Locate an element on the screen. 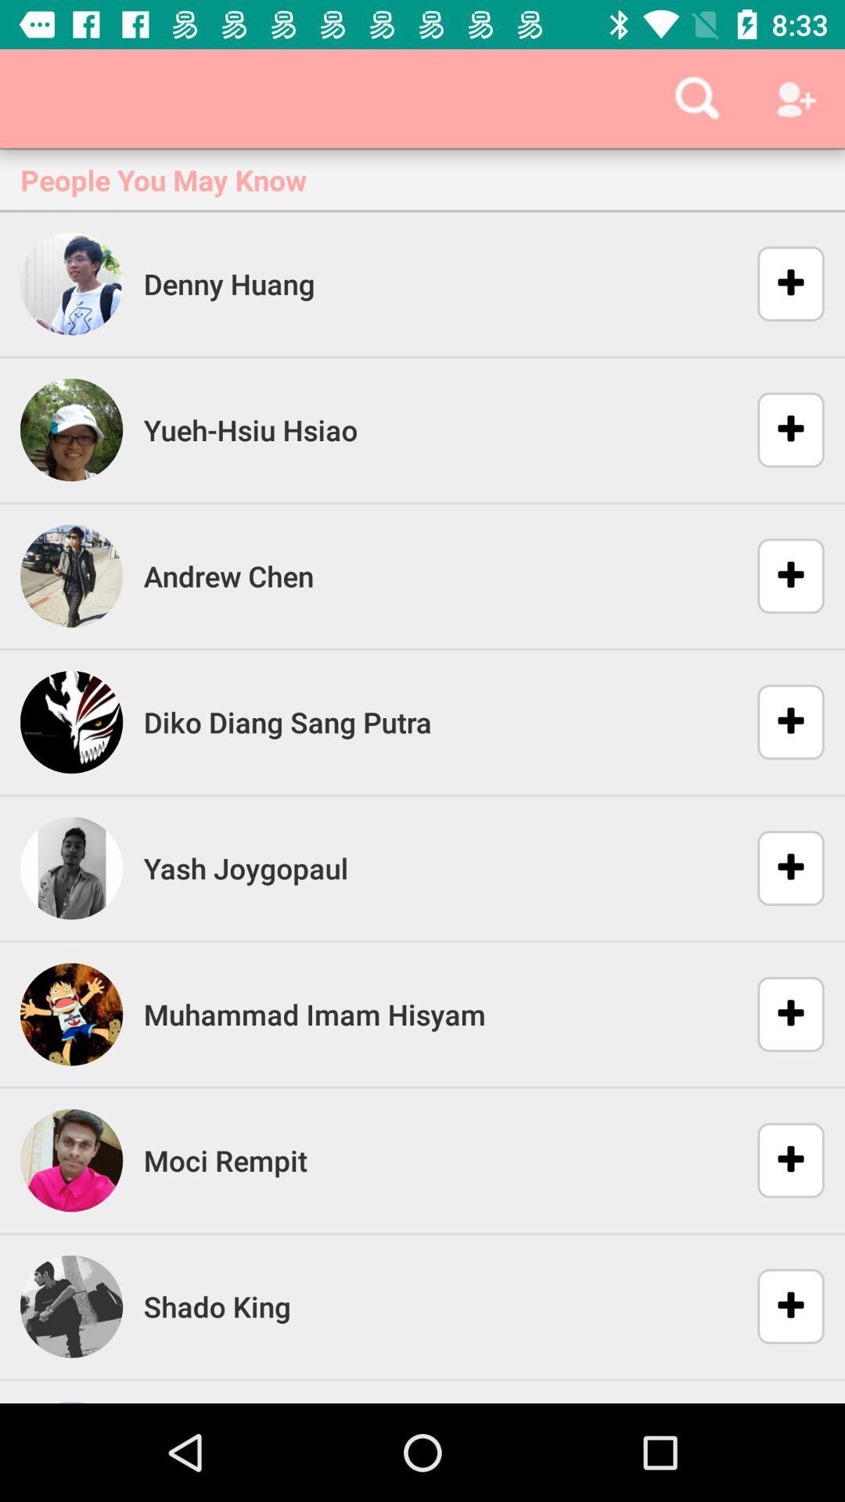  the image left to yash joygopaul is located at coordinates (72, 868).